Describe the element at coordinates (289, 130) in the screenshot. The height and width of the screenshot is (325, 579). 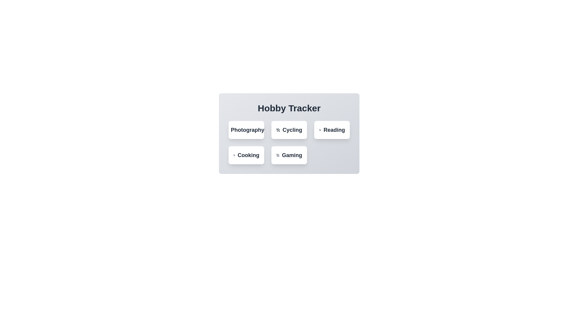
I see `the hobby Cycling by clicking its button` at that location.